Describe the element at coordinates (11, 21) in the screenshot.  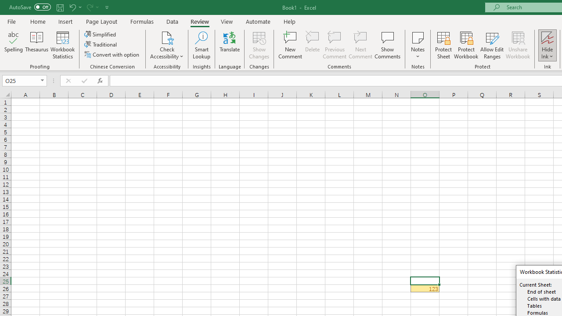
I see `'File Tab'` at that location.